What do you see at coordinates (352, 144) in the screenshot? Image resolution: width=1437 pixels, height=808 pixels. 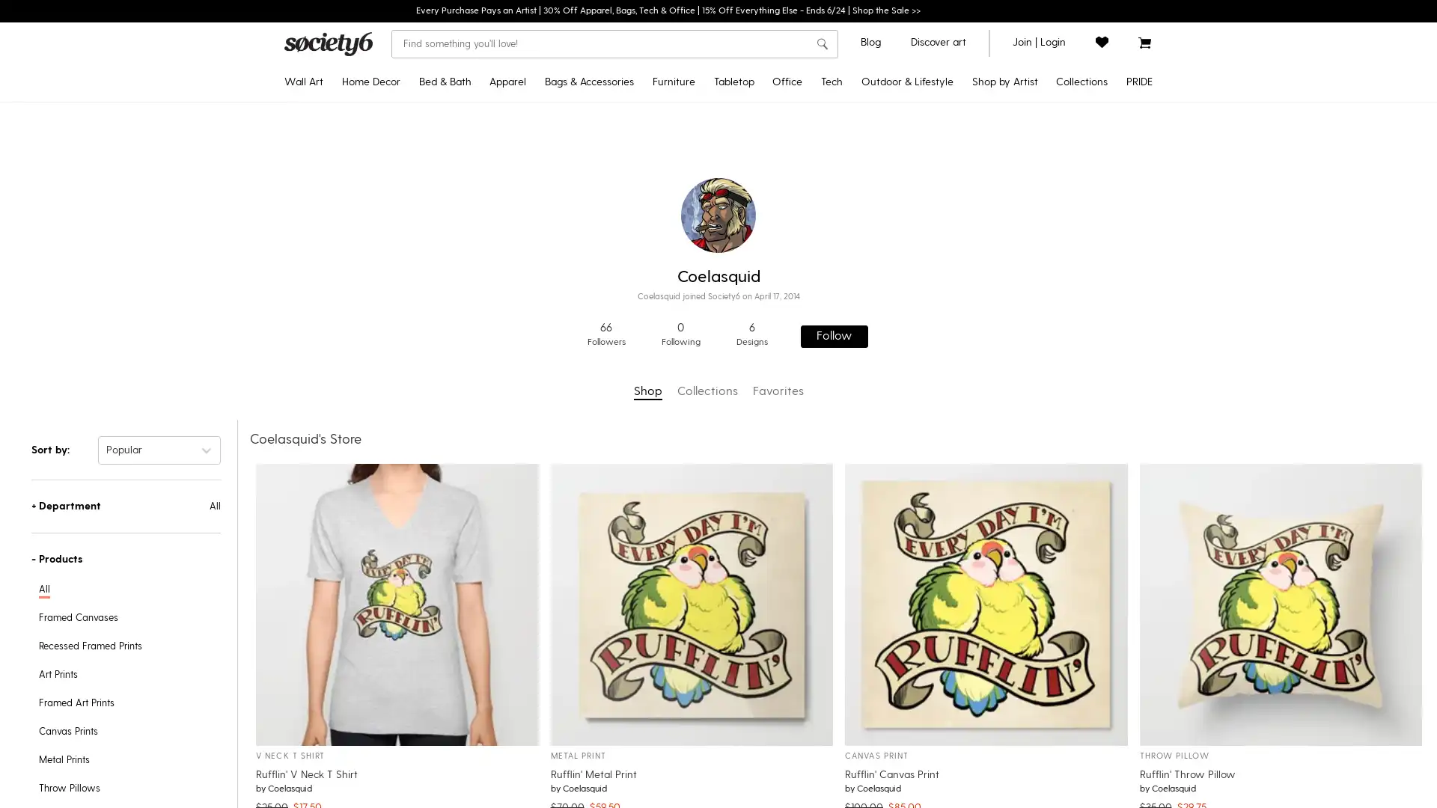 I see `Framed Art Prints` at bounding box center [352, 144].